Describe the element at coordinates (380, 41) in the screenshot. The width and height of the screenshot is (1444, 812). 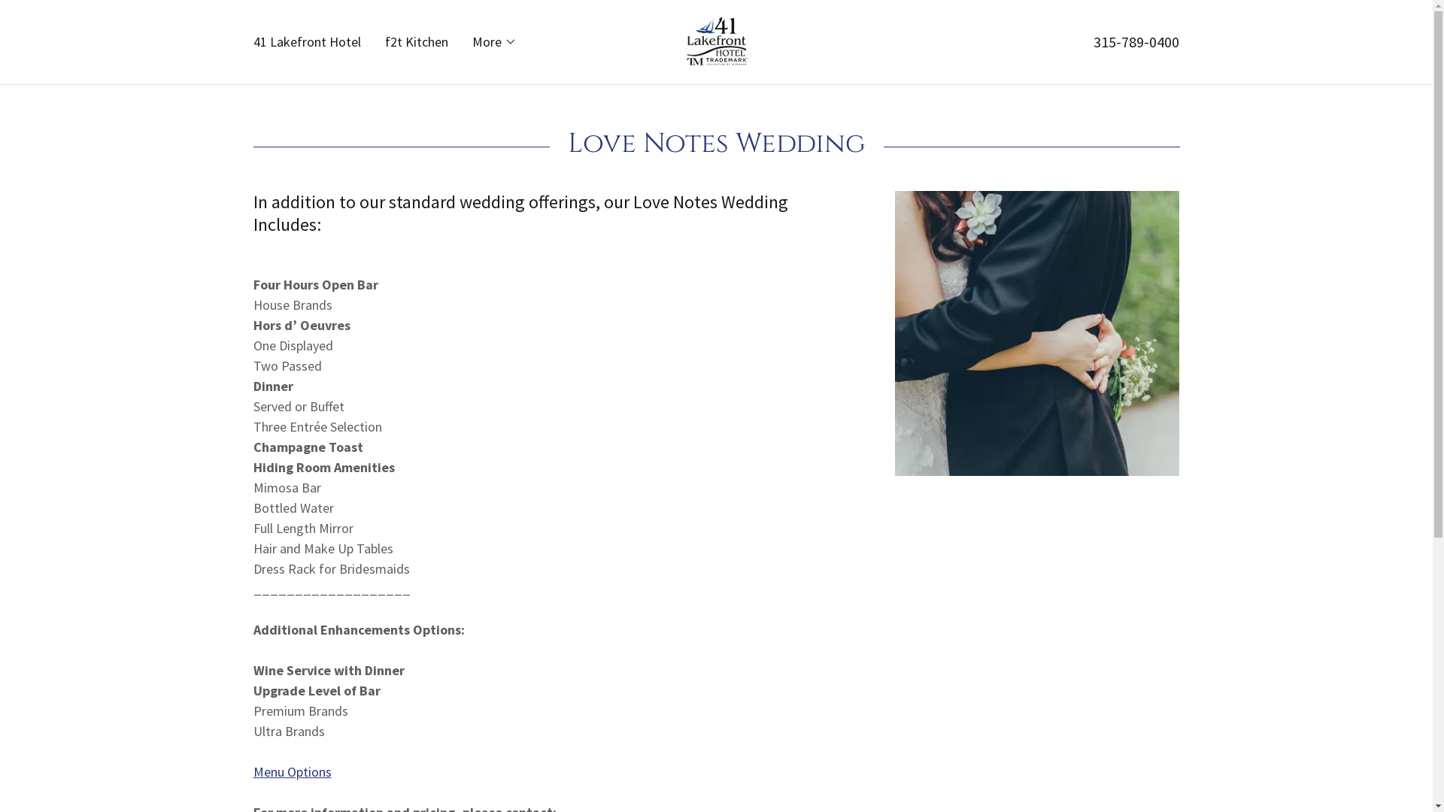
I see `'f2t Kitchen'` at that location.